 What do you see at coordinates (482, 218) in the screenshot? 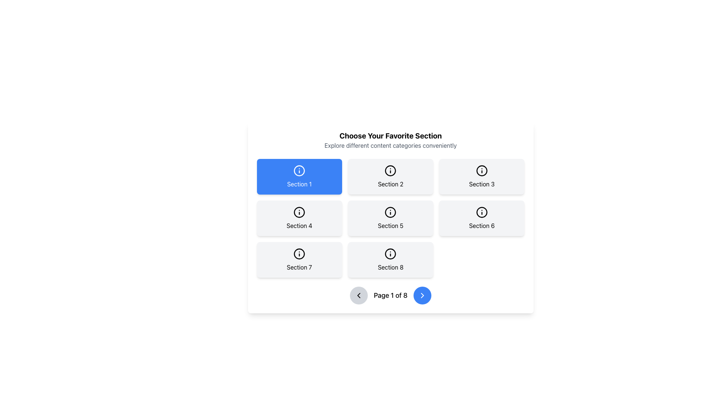
I see `the rectangular card labeled 'Section 6' with a light gray background and an information icon at the top` at bounding box center [482, 218].